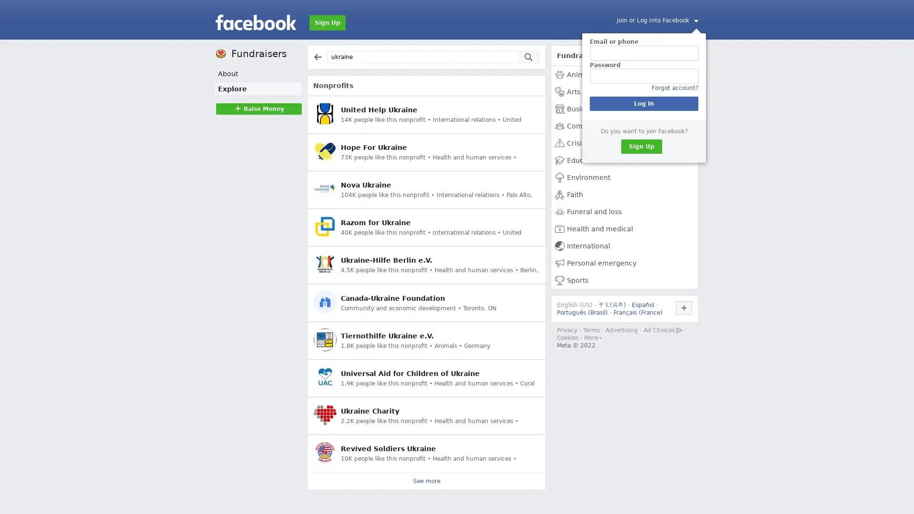 The image size is (914, 514). I want to click on Portugues (Brasil), so click(582, 312).